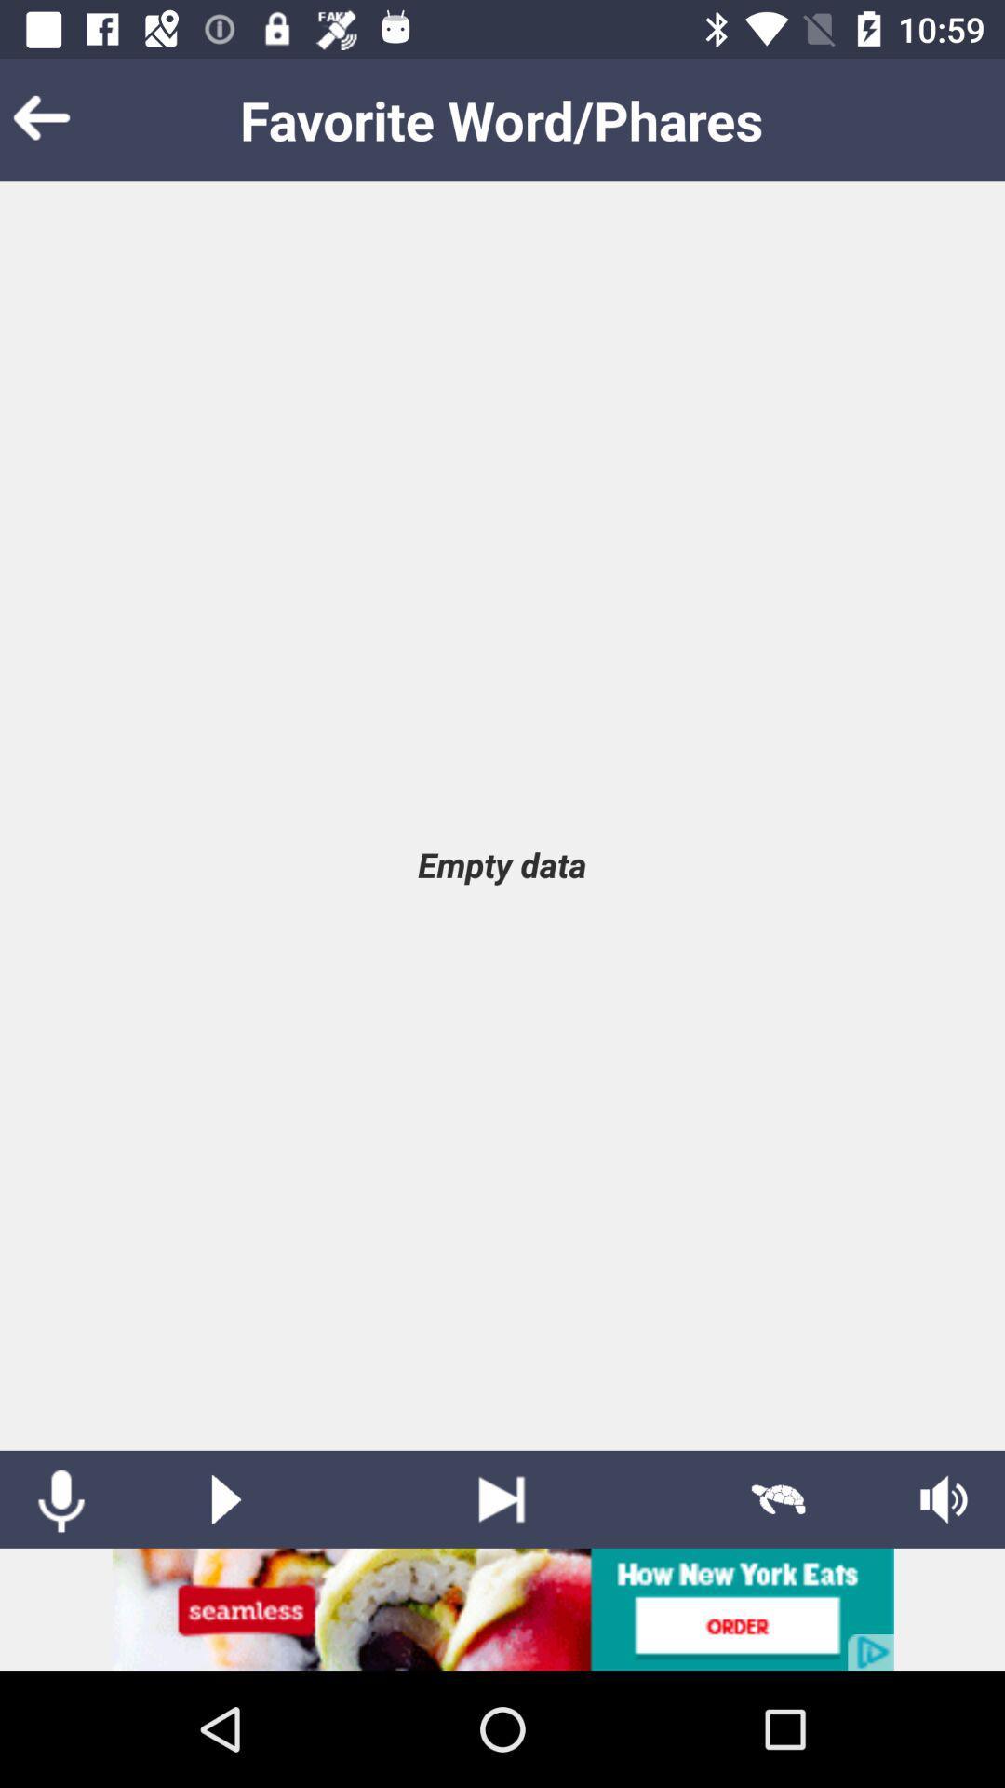 This screenshot has width=1005, height=1788. What do you see at coordinates (944, 1499) in the screenshot?
I see `the volume icon` at bounding box center [944, 1499].